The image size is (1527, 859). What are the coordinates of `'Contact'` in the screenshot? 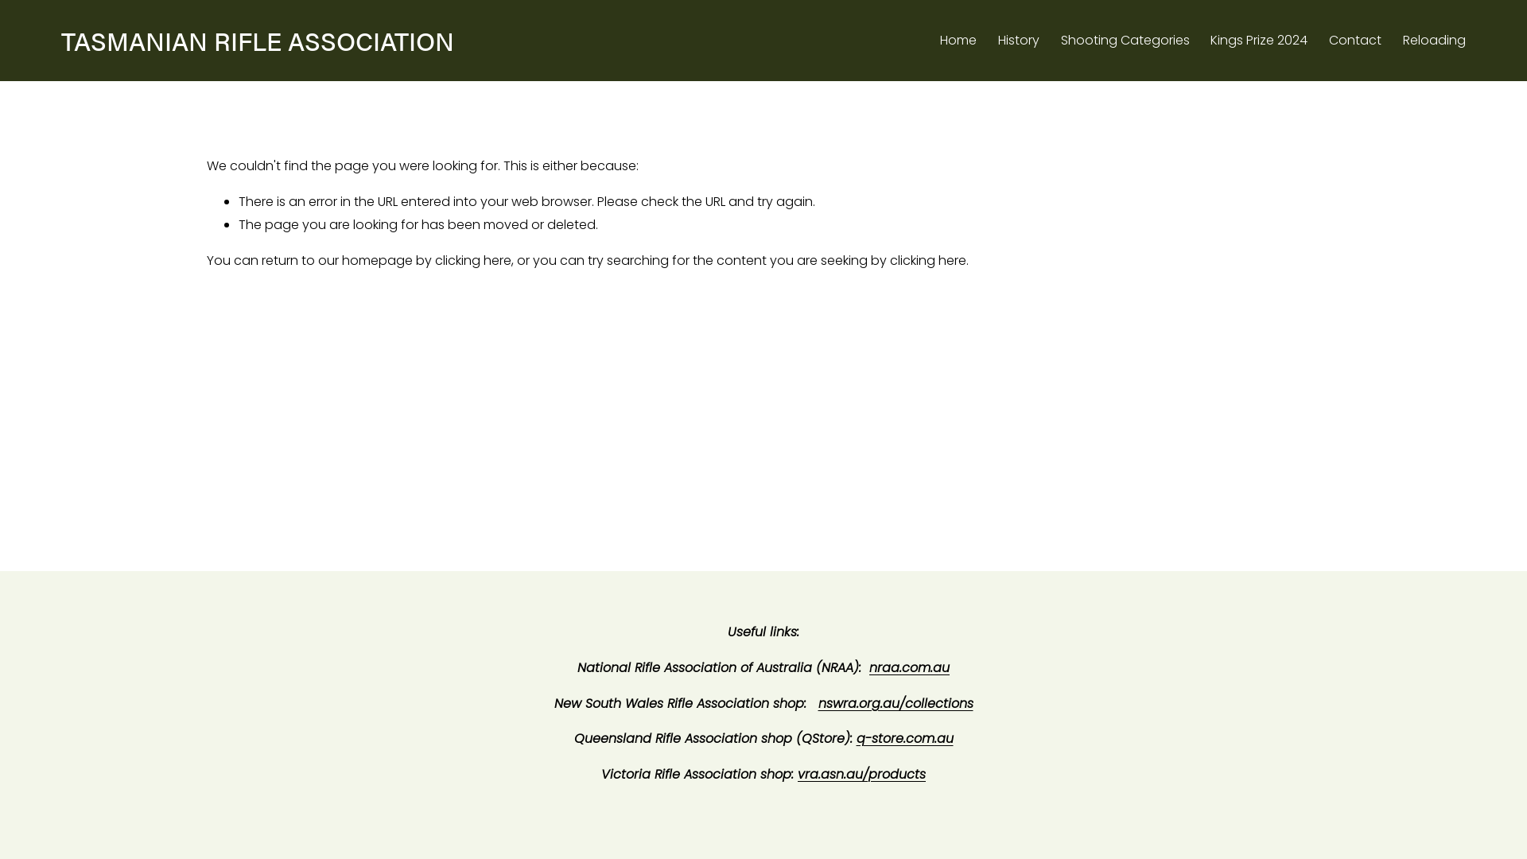 It's located at (1354, 39).